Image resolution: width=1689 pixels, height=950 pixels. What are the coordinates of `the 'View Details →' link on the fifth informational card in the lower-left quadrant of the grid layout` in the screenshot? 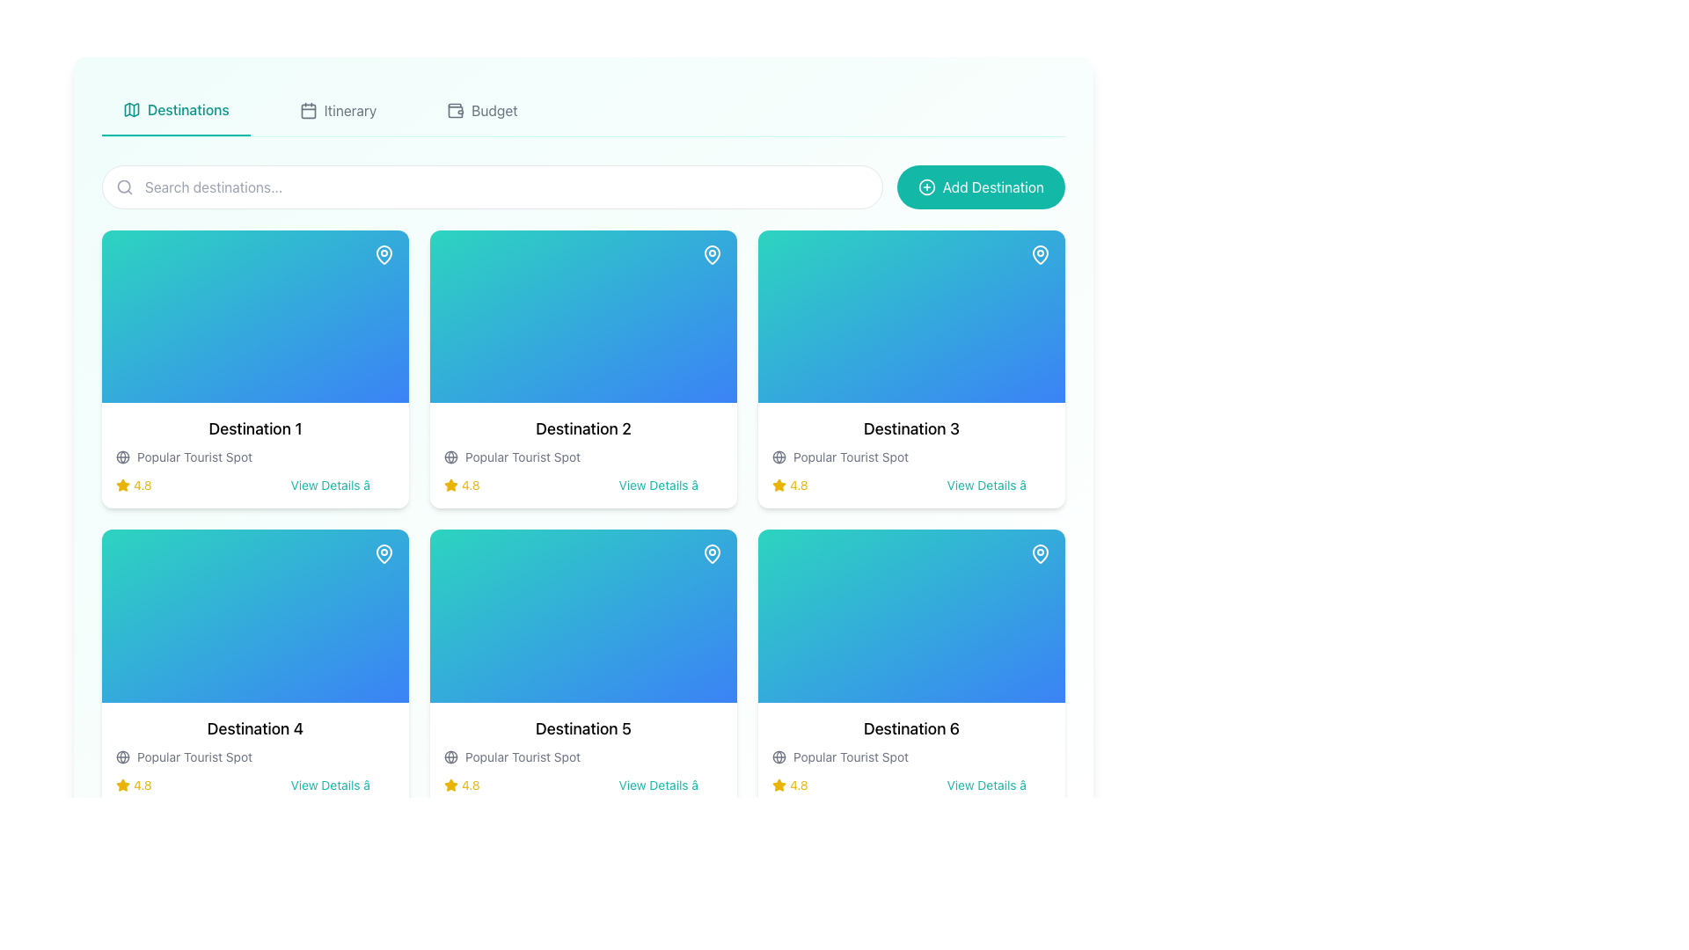 It's located at (583, 754).